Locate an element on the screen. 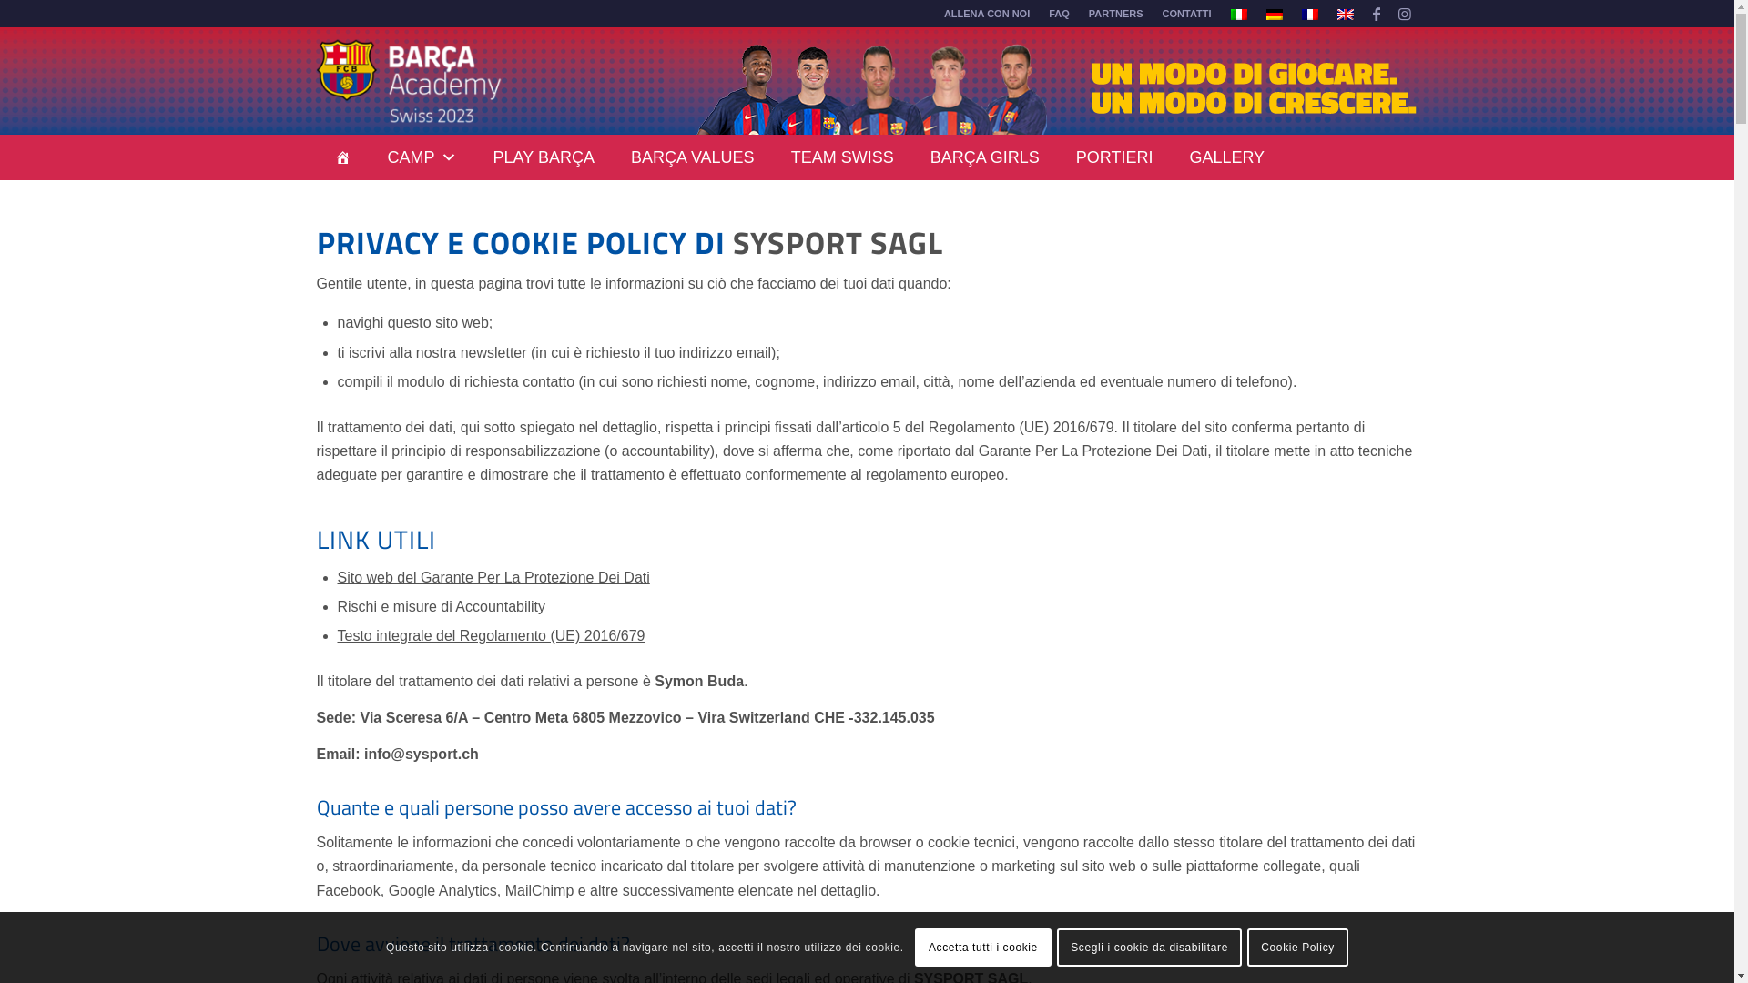 The width and height of the screenshot is (1748, 983). 'Testo integrale del Regolamento (UE) 2016/679' is located at coordinates (490, 634).